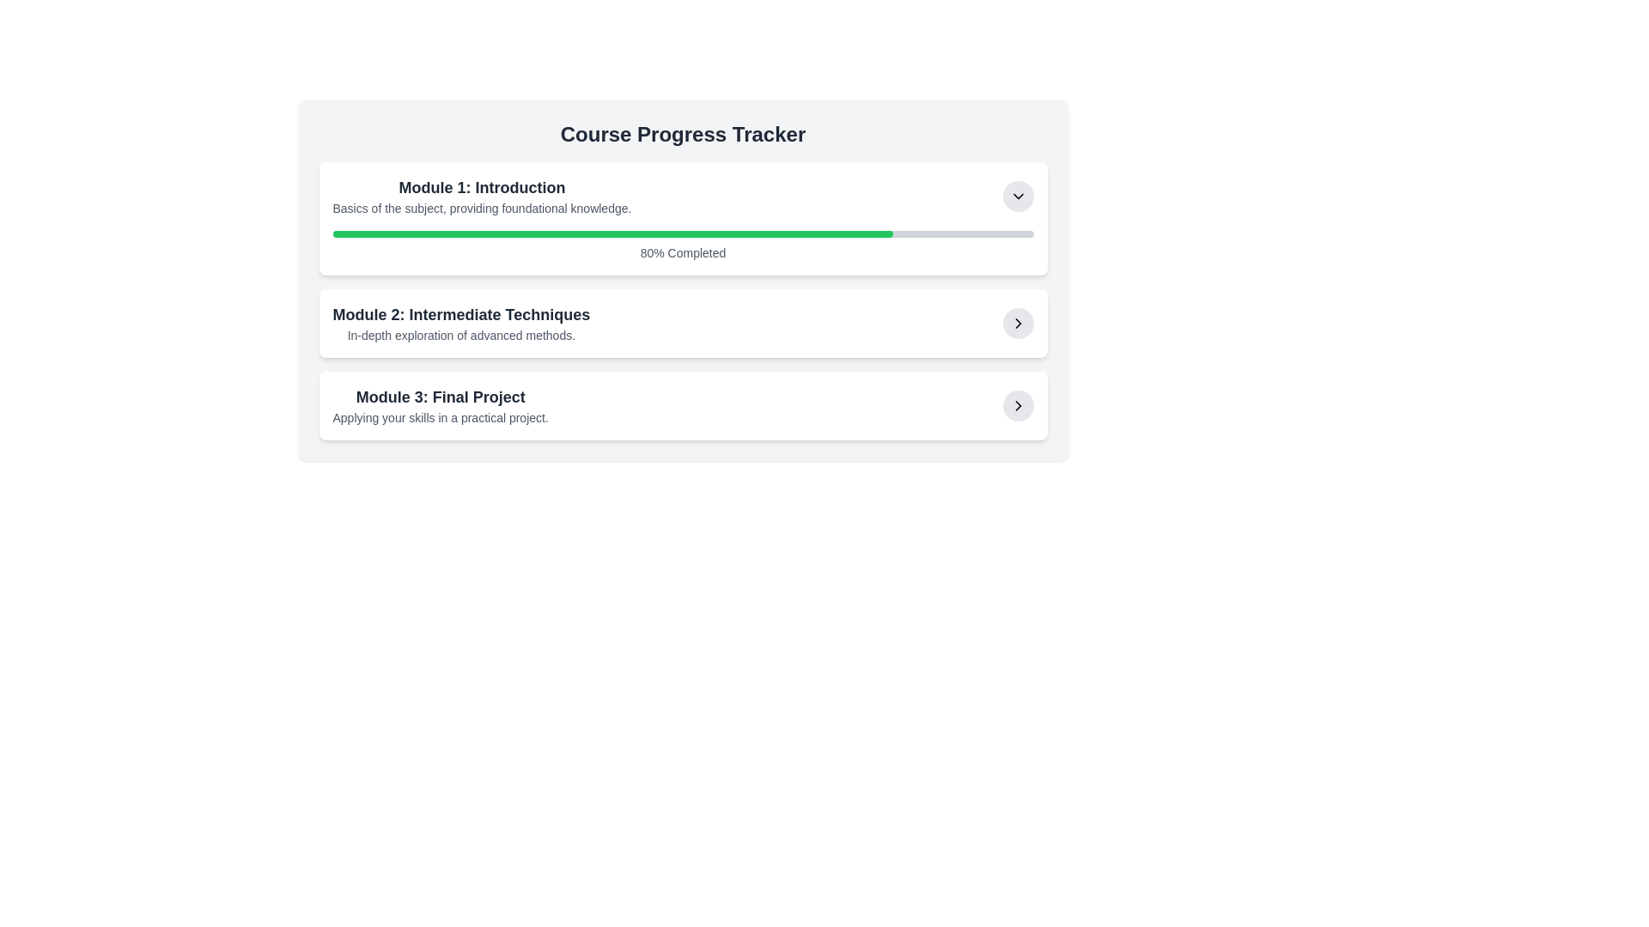 The width and height of the screenshot is (1649, 927). Describe the element at coordinates (461, 335) in the screenshot. I see `the Text label positioned below the title 'Module 2: Intermediate Techniques', which is styled in a smaller font size and lighter gray color` at that location.